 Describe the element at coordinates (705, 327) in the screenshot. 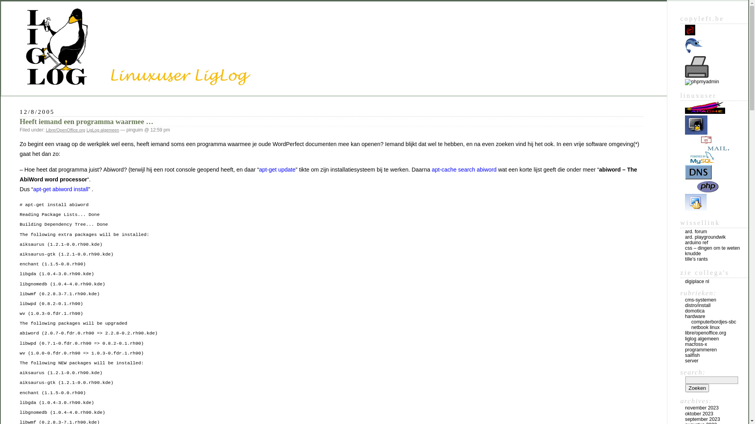

I see `'netbook linux'` at that location.